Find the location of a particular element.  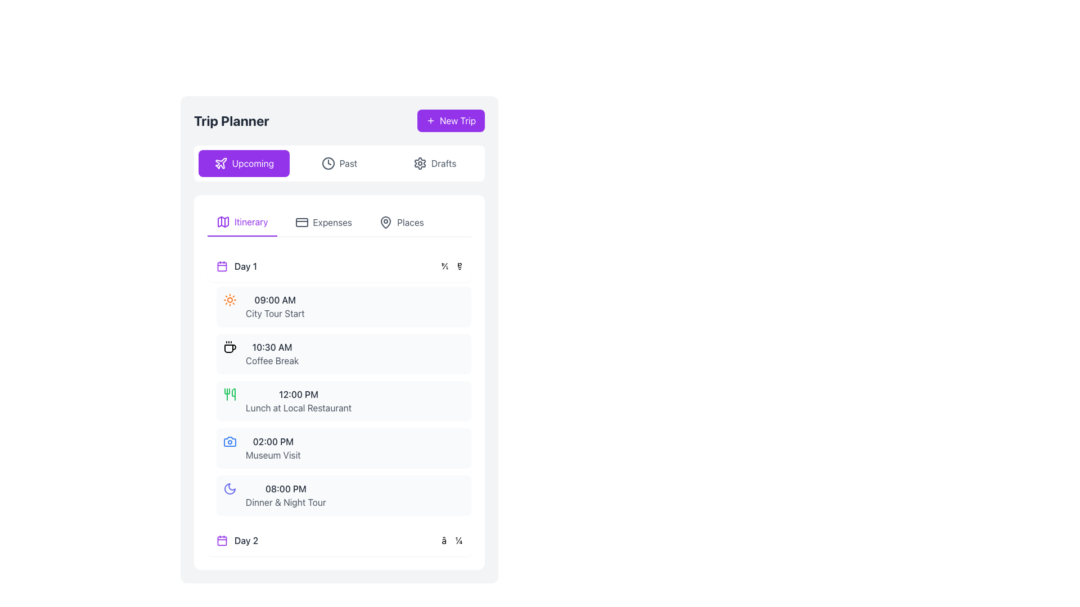

the informational component that displays the scheduled event titled 'Coffee Break', which is the second item in the itinerary list, located between '09:00 AM City Tour Start' and '12:00 PM Lunch at Local Restaurant' is located at coordinates (343, 353).